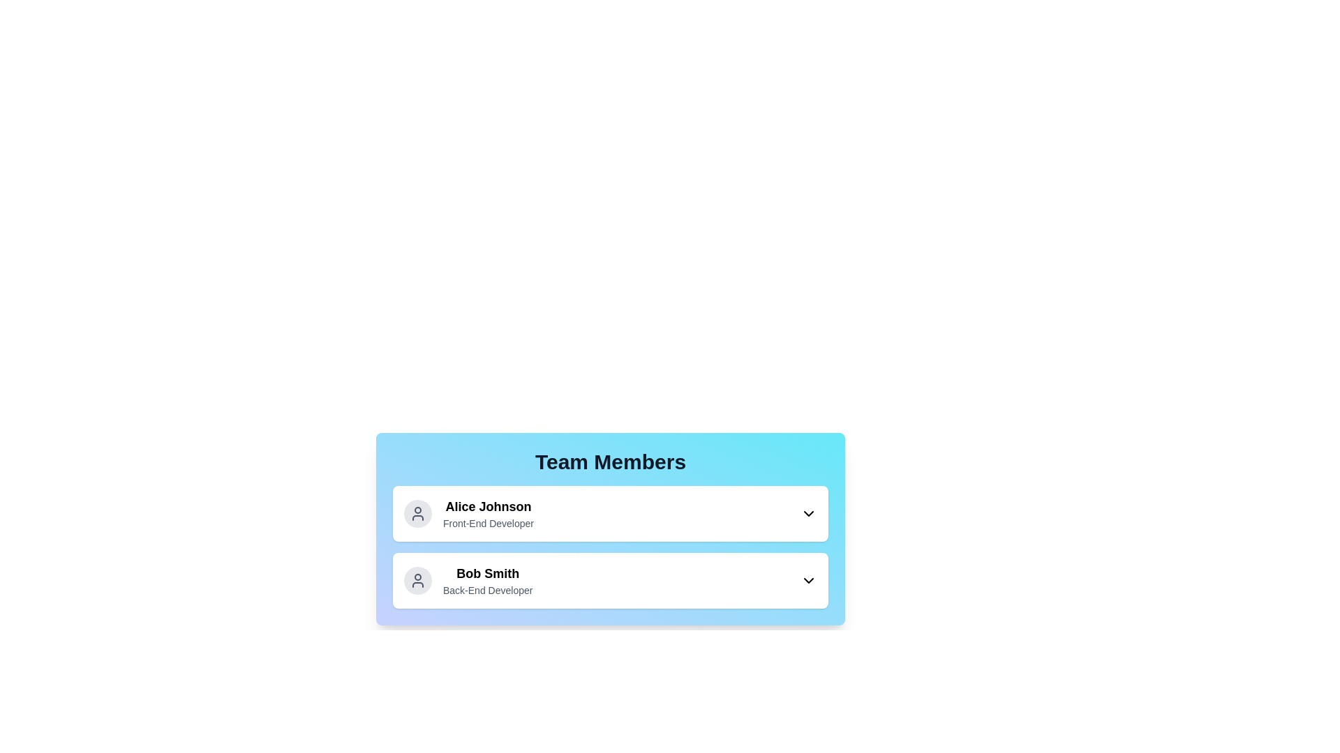 This screenshot has height=753, width=1340. I want to click on the profile Bob Smith to toggle its expanded state, so click(610, 581).